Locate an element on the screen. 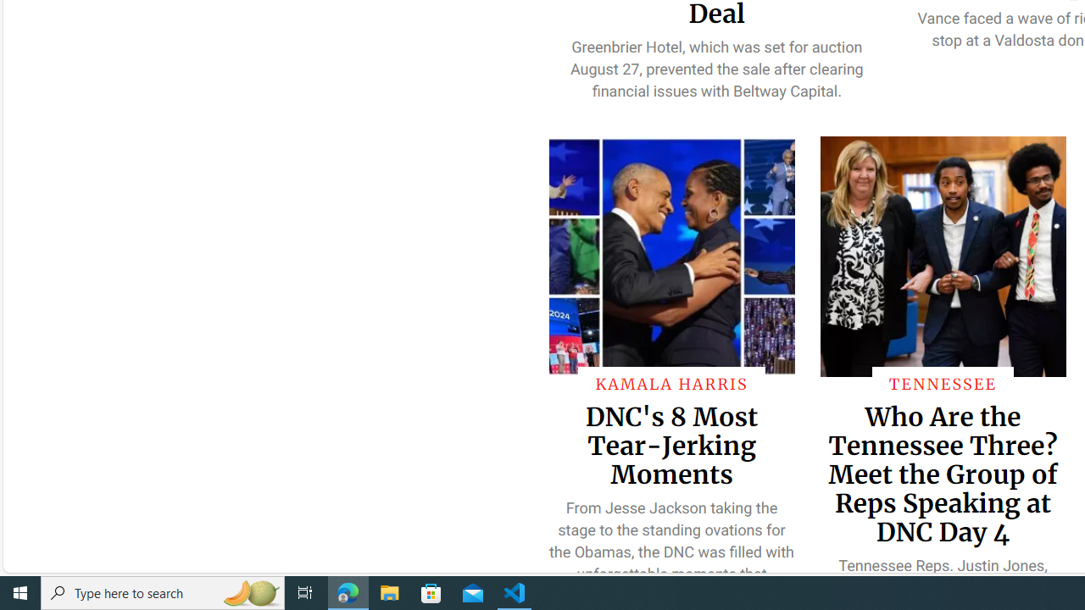 This screenshot has height=610, width=1085. 'Start' is located at coordinates (20, 591).